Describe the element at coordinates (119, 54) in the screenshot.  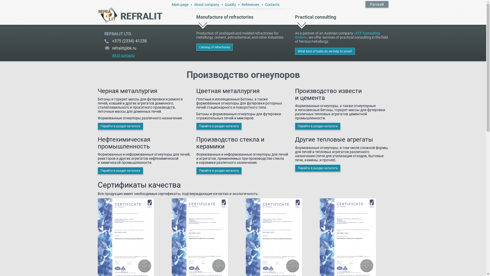
I see `'All of contacts'` at that location.